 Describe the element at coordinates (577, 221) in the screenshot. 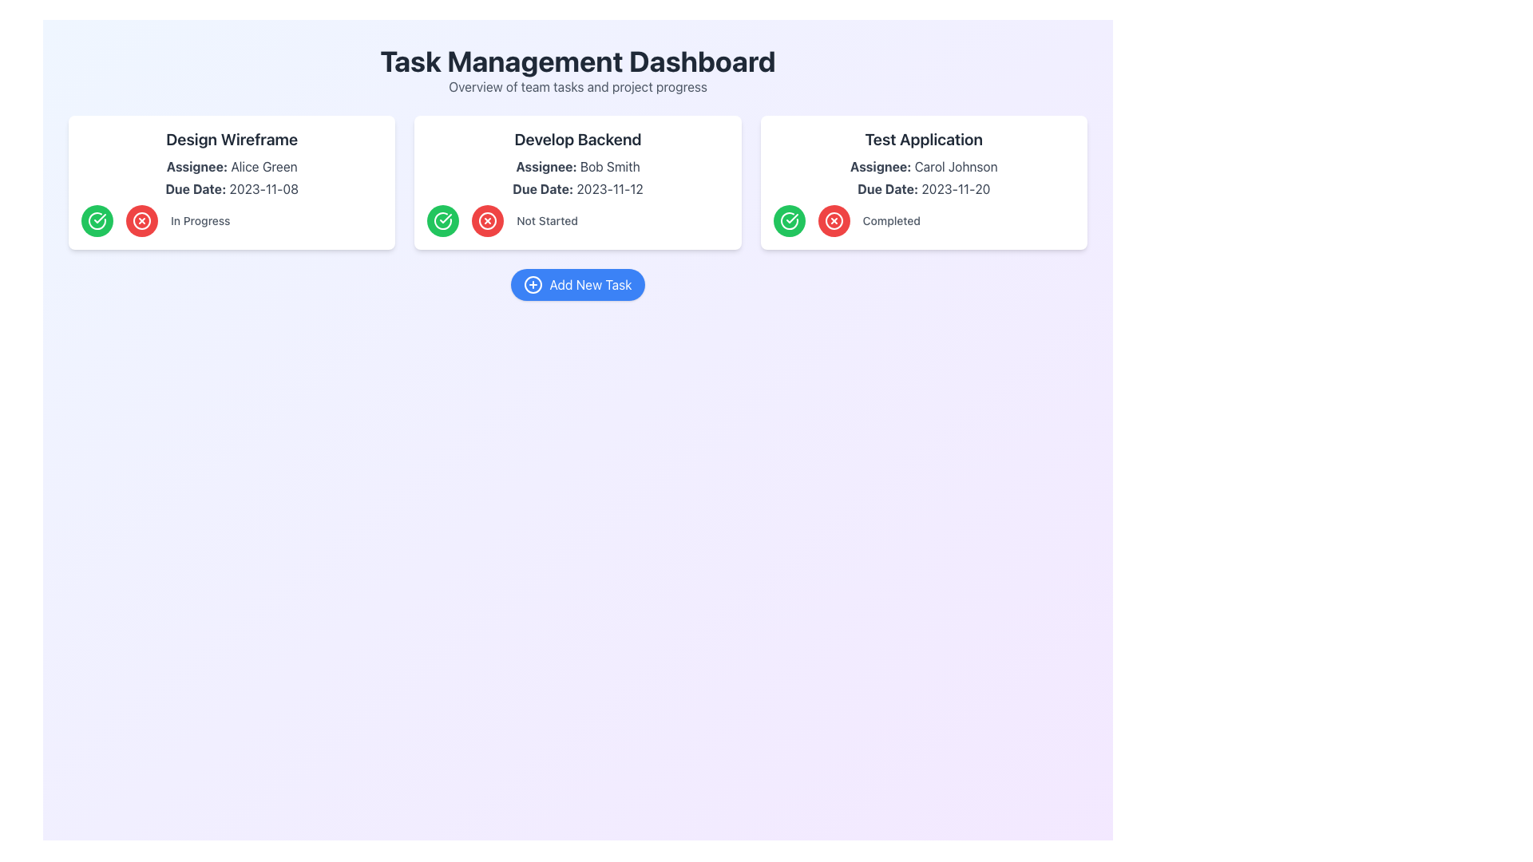

I see `the 'Not Started' label located beneath the due date in the 'Develop Backend' task card, positioned between a green checkmark and a red cross button` at that location.